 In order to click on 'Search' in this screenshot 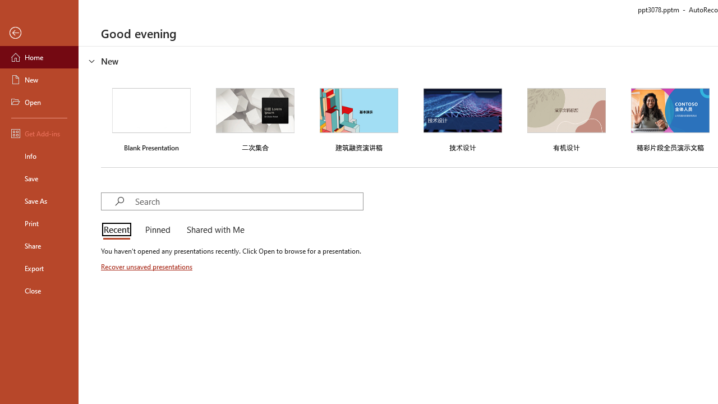, I will do `click(248, 200)`.